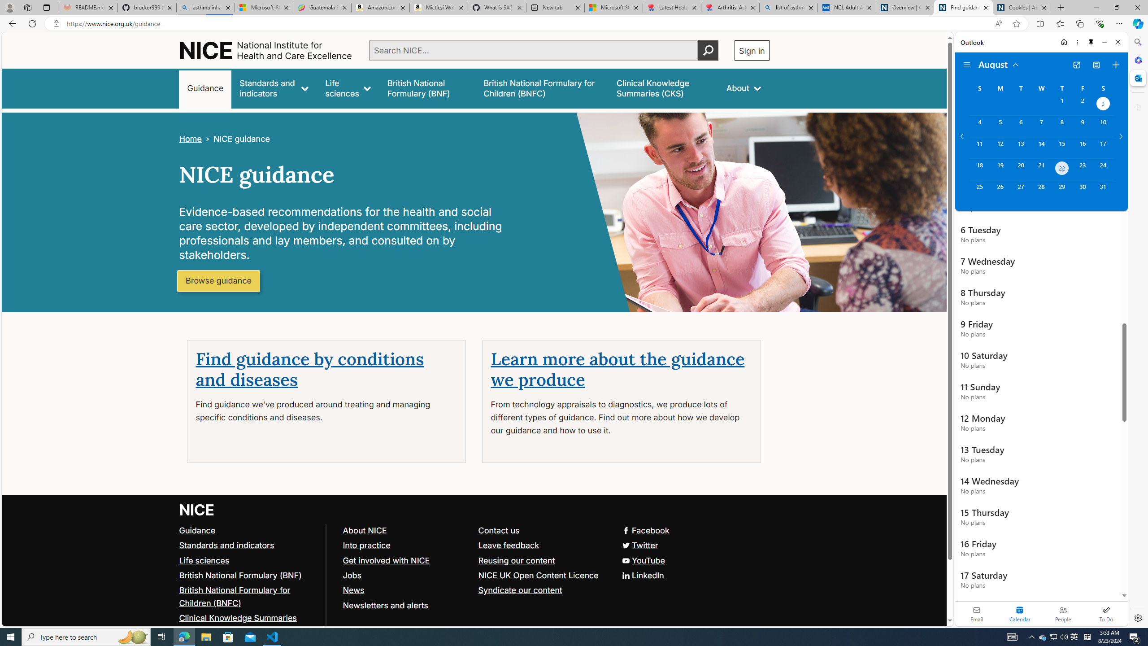 Image resolution: width=1148 pixels, height=646 pixels. I want to click on 'Tuesday, August 13, 2024. ', so click(1020, 148).